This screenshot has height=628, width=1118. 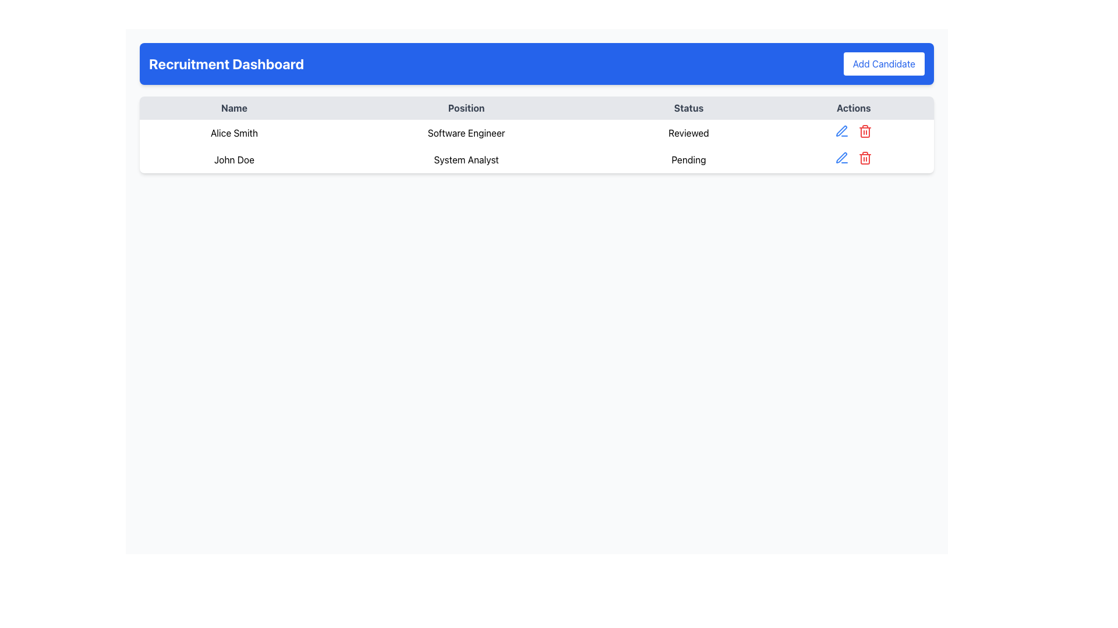 What do you see at coordinates (466, 132) in the screenshot?
I see `the text label indicating the professional role associated with 'Alice Smith' in the 'Position' column of the table` at bounding box center [466, 132].